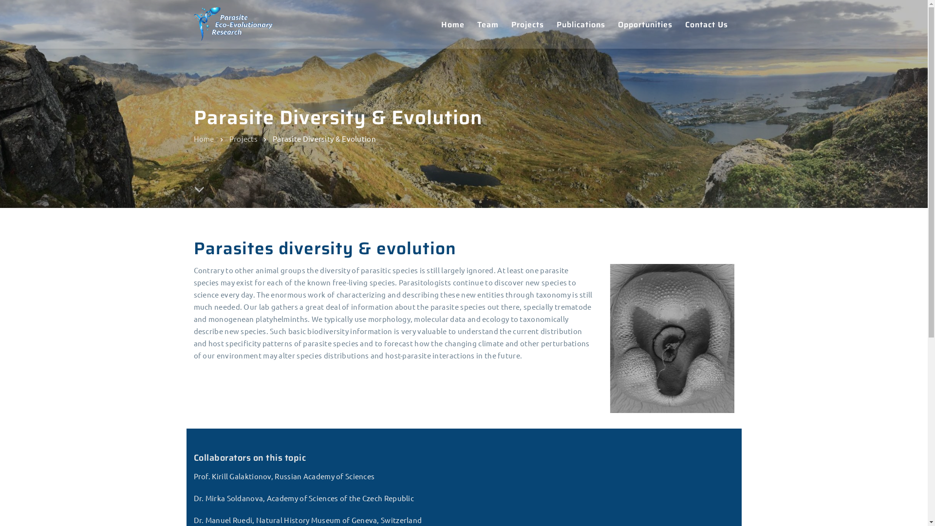  I want to click on 'Home', so click(397, 365).